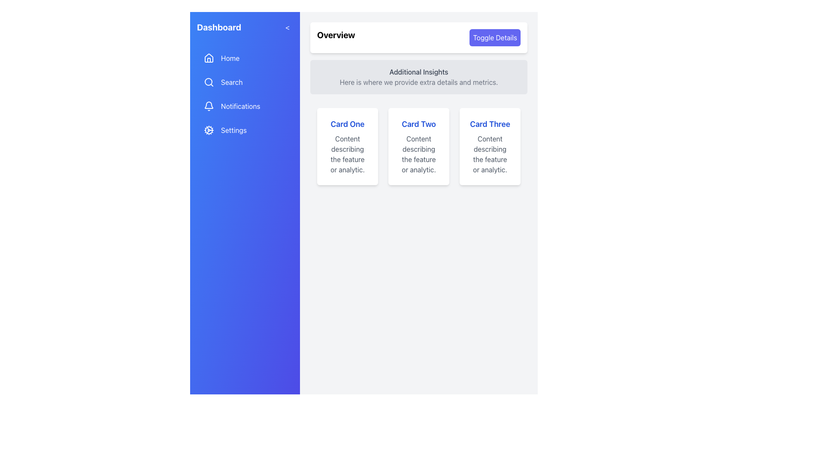 The width and height of the screenshot is (824, 463). Describe the element at coordinates (348, 153) in the screenshot. I see `the Text Block element styled in a smaller, gray font located under the title 'Card One' within a card layout` at that location.